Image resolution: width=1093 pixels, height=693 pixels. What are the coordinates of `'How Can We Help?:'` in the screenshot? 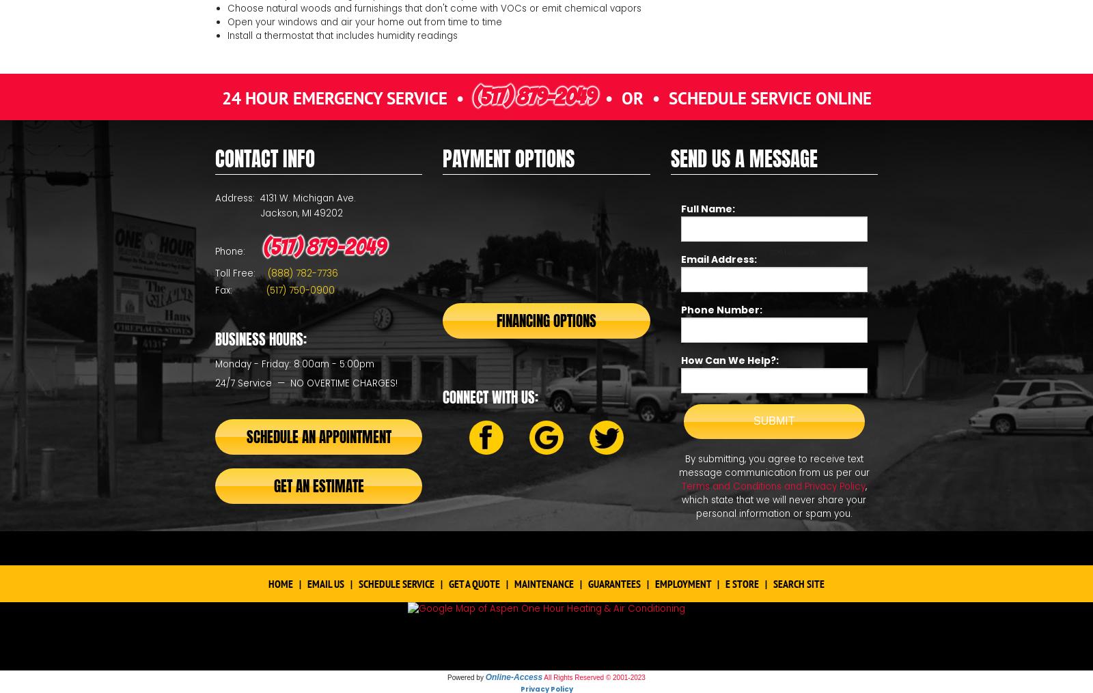 It's located at (729, 360).